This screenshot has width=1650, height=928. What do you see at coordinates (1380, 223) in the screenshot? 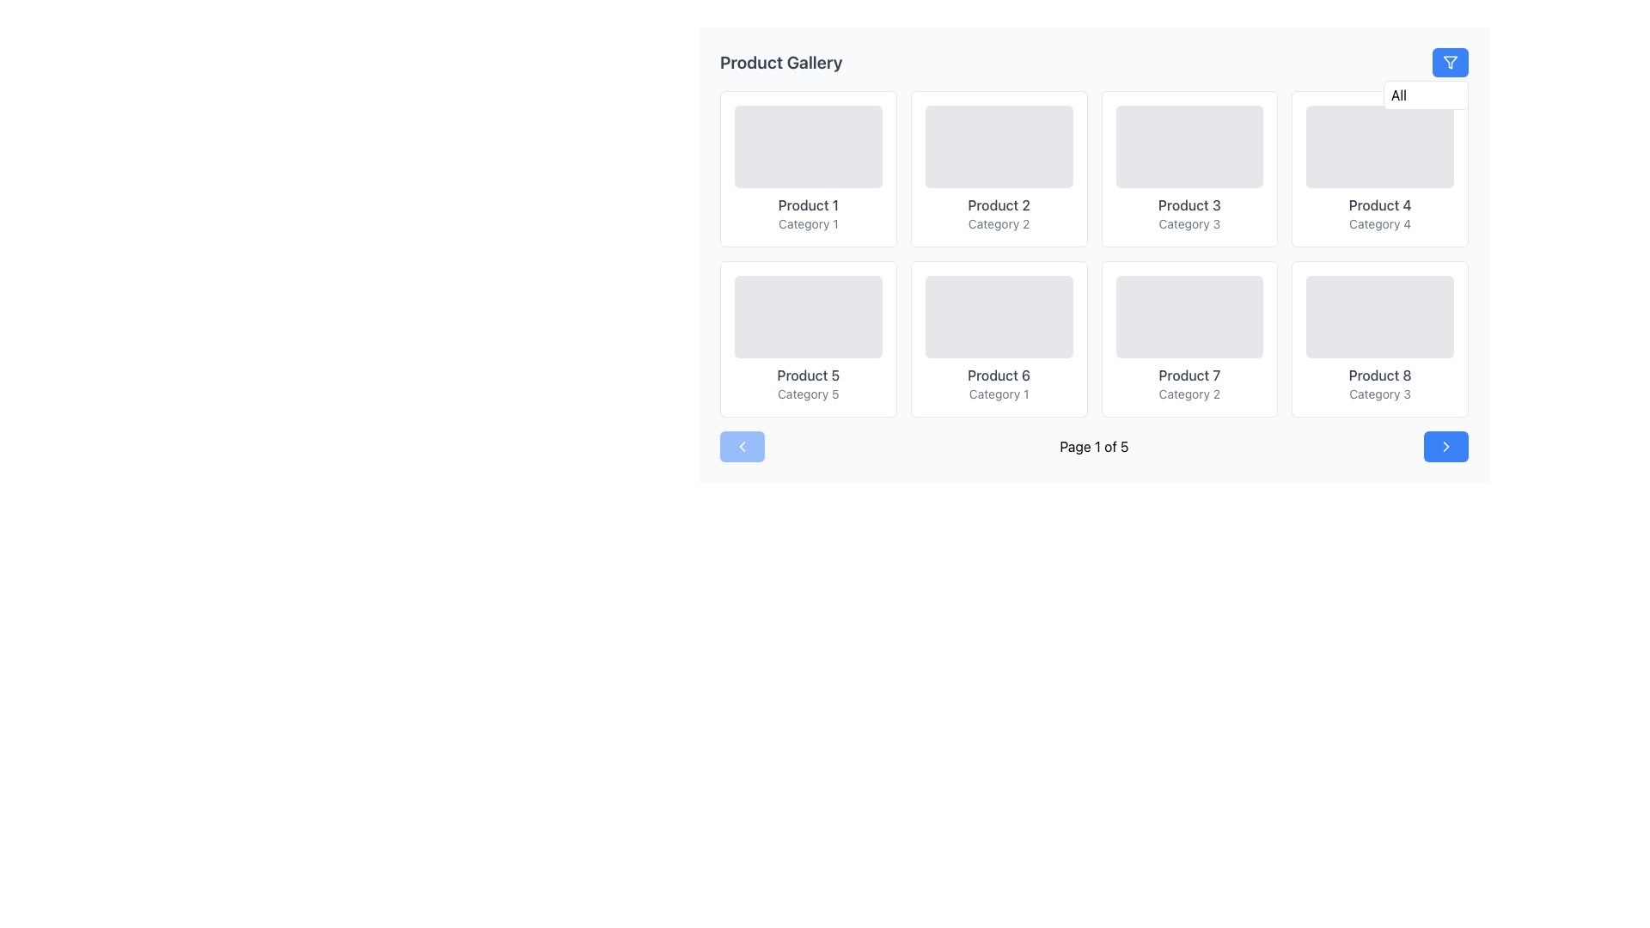
I see `text from the label that displays 'Category 4', which is styled with a small font size and gray color, located in the bottom section of the card for 'Product 4'` at bounding box center [1380, 223].